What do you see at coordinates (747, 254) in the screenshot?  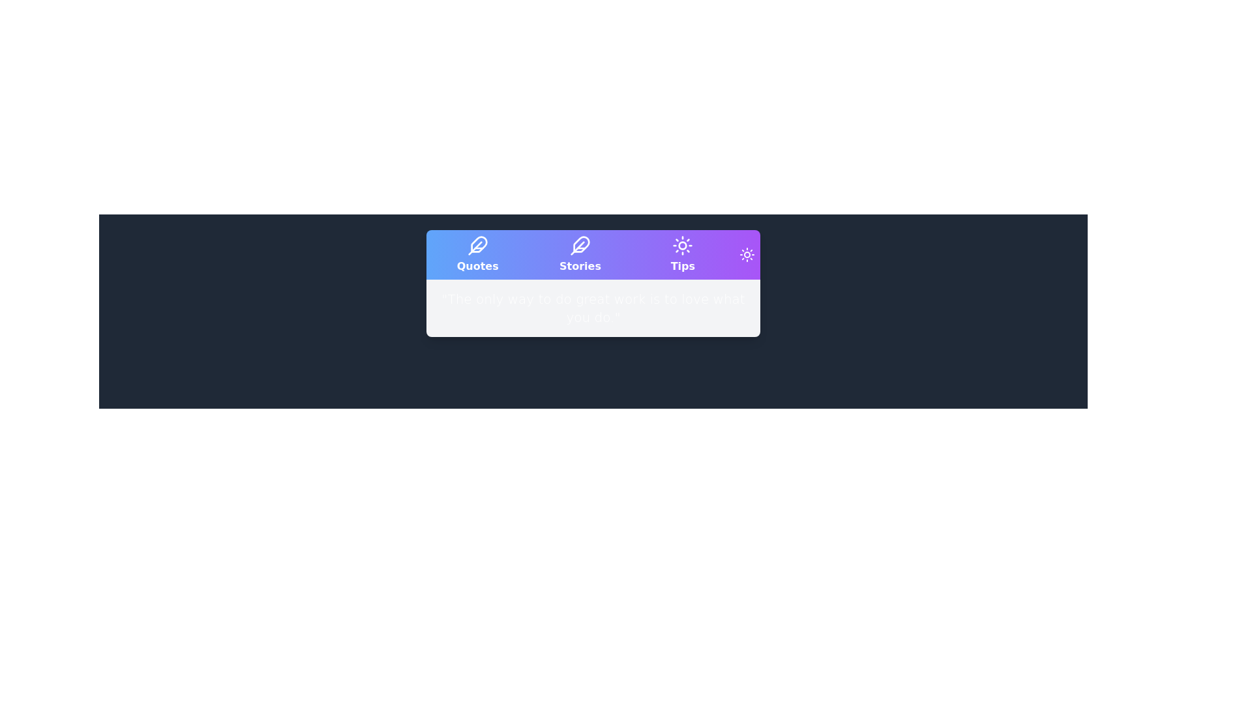 I see `the theme toggle button to switch between light and dark themes` at bounding box center [747, 254].